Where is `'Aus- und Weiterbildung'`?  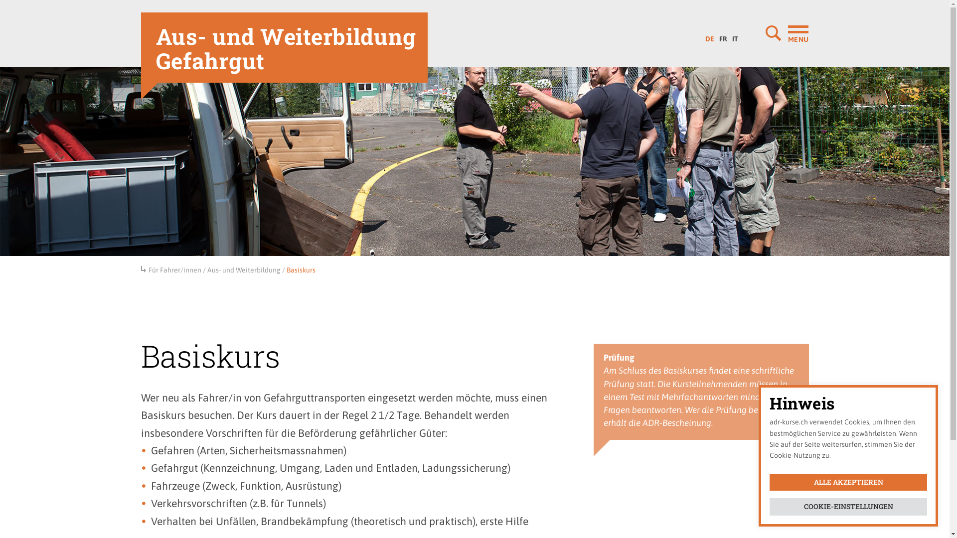 'Aus- und Weiterbildung' is located at coordinates (244, 270).